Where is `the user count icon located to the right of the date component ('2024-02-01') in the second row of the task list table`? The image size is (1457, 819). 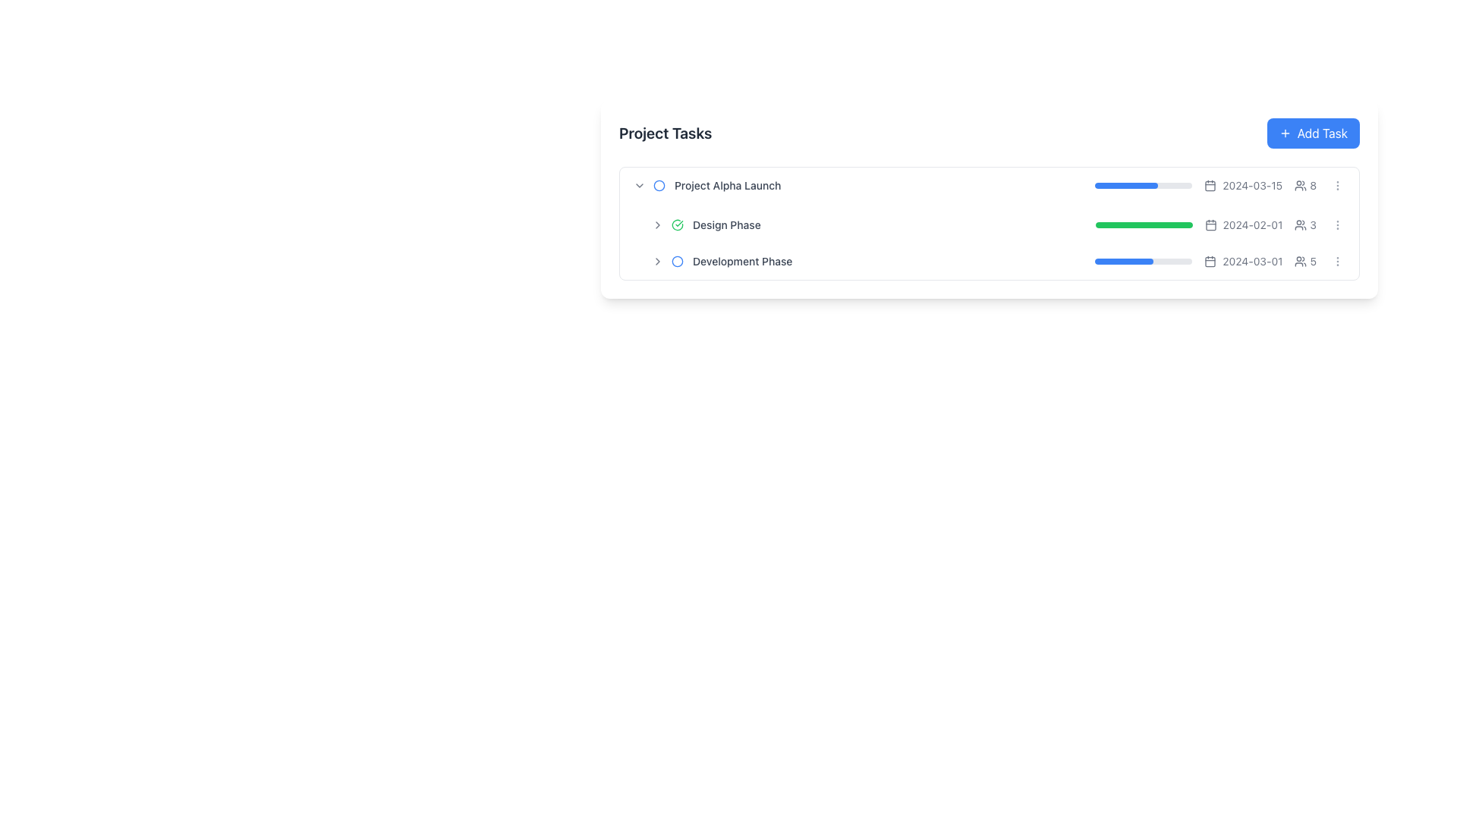
the user count icon located to the right of the date component ('2024-02-01') in the second row of the task list table is located at coordinates (1304, 225).